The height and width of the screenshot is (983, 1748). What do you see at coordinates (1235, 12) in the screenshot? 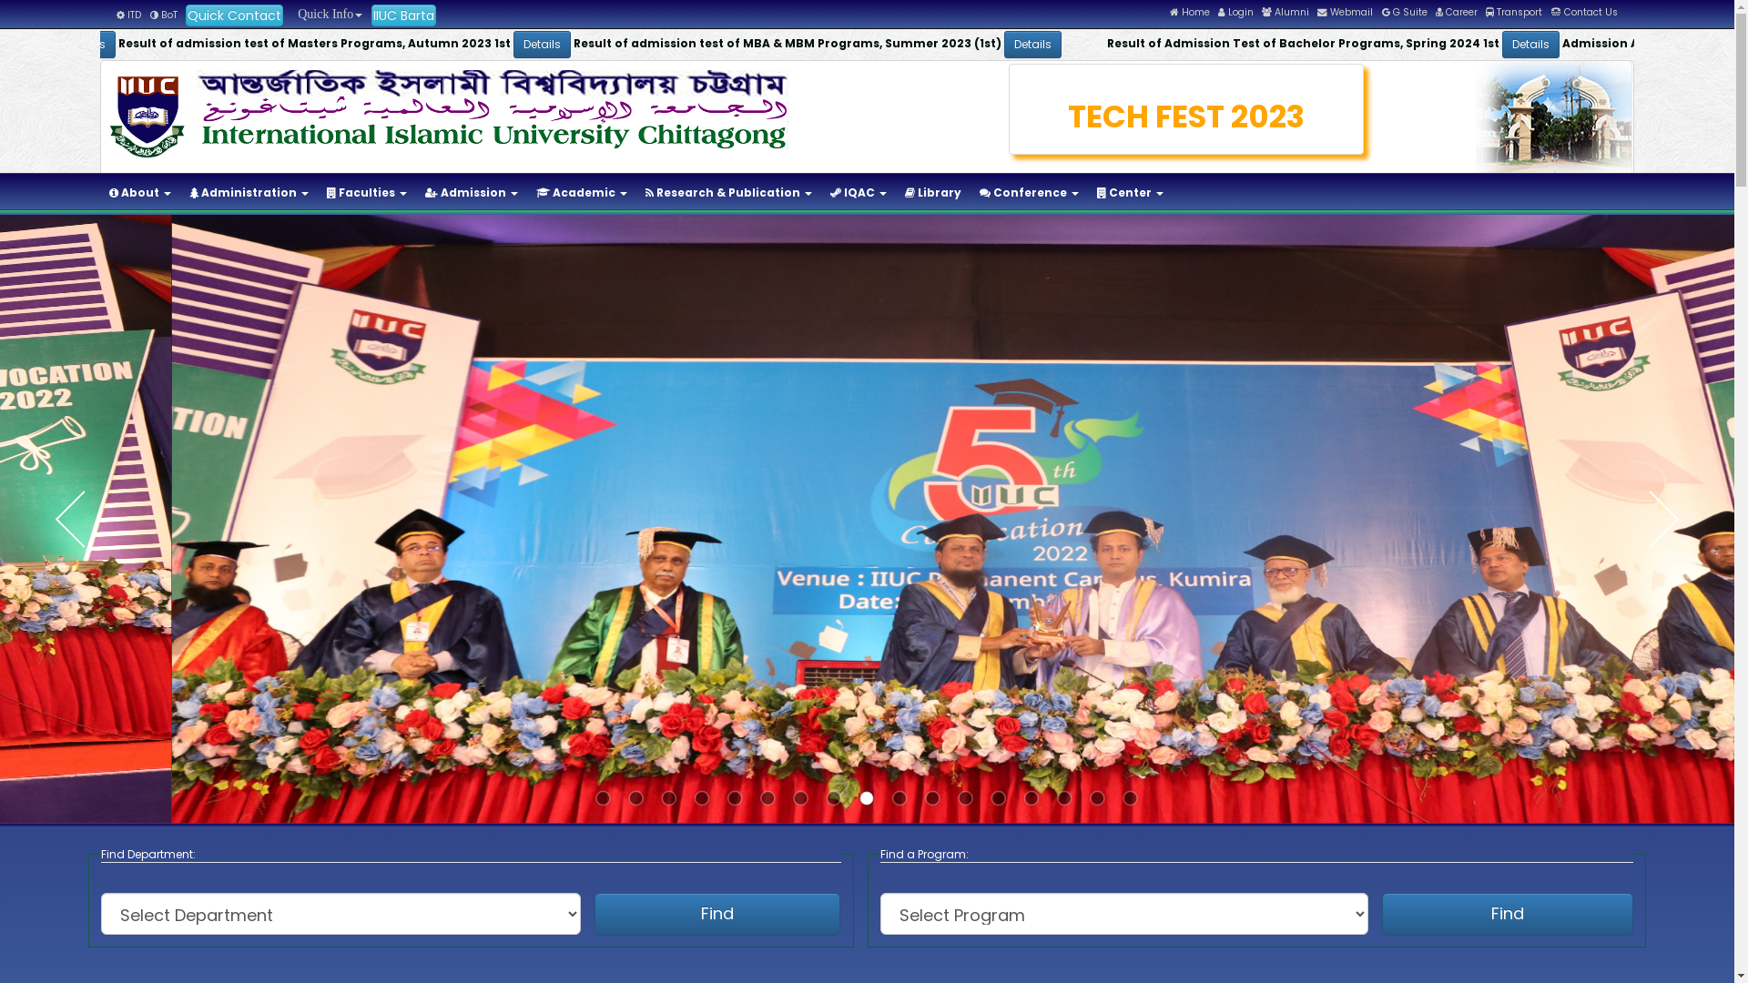
I see `'Login'` at bounding box center [1235, 12].